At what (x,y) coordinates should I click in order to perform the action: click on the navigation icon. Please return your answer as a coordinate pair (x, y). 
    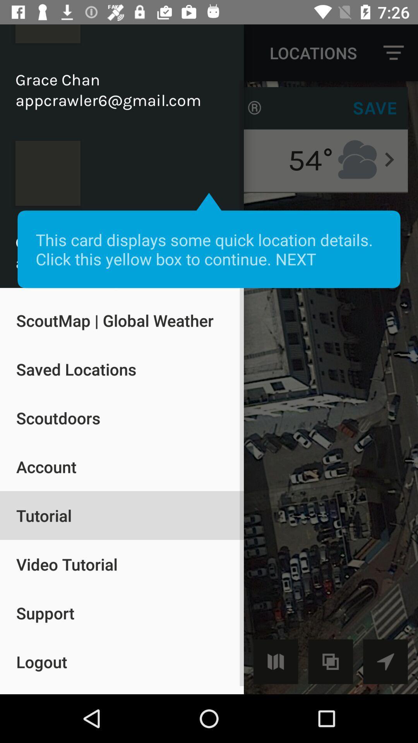
    Looking at the image, I should click on (385, 661).